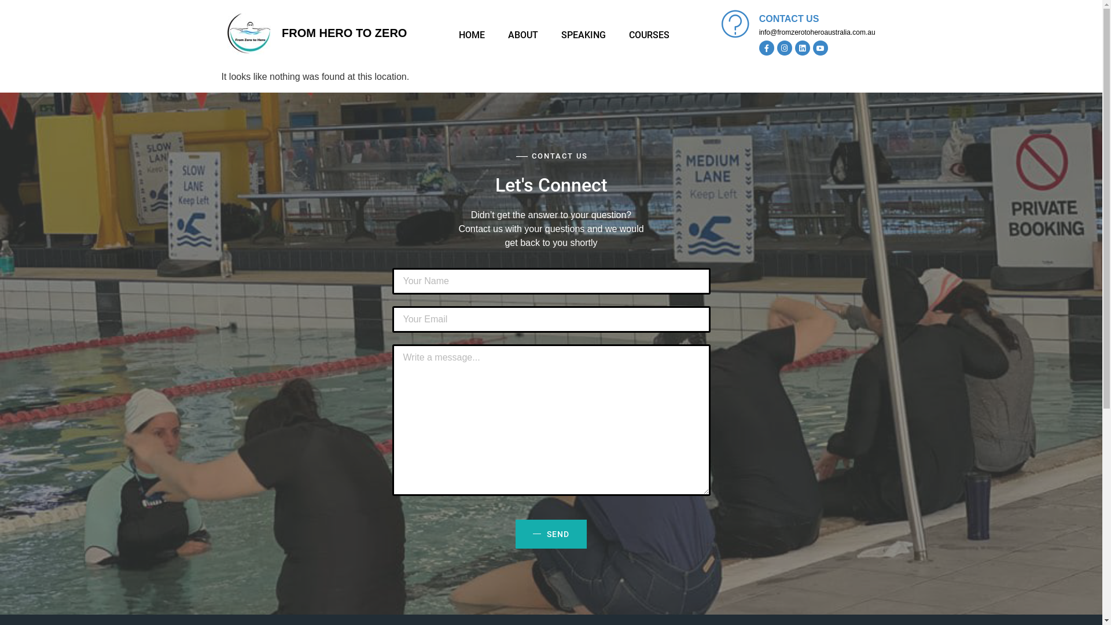  What do you see at coordinates (471, 35) in the screenshot?
I see `'HOME'` at bounding box center [471, 35].